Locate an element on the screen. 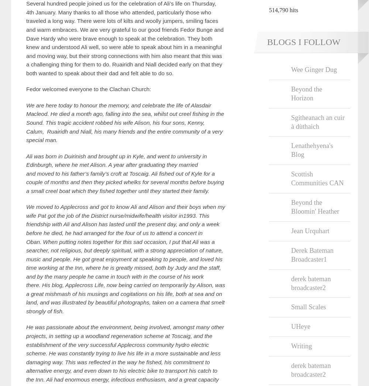 This screenshot has height=386, width=369. 'Fedor welcomed everyone to the Clachan Church:' is located at coordinates (88, 89).